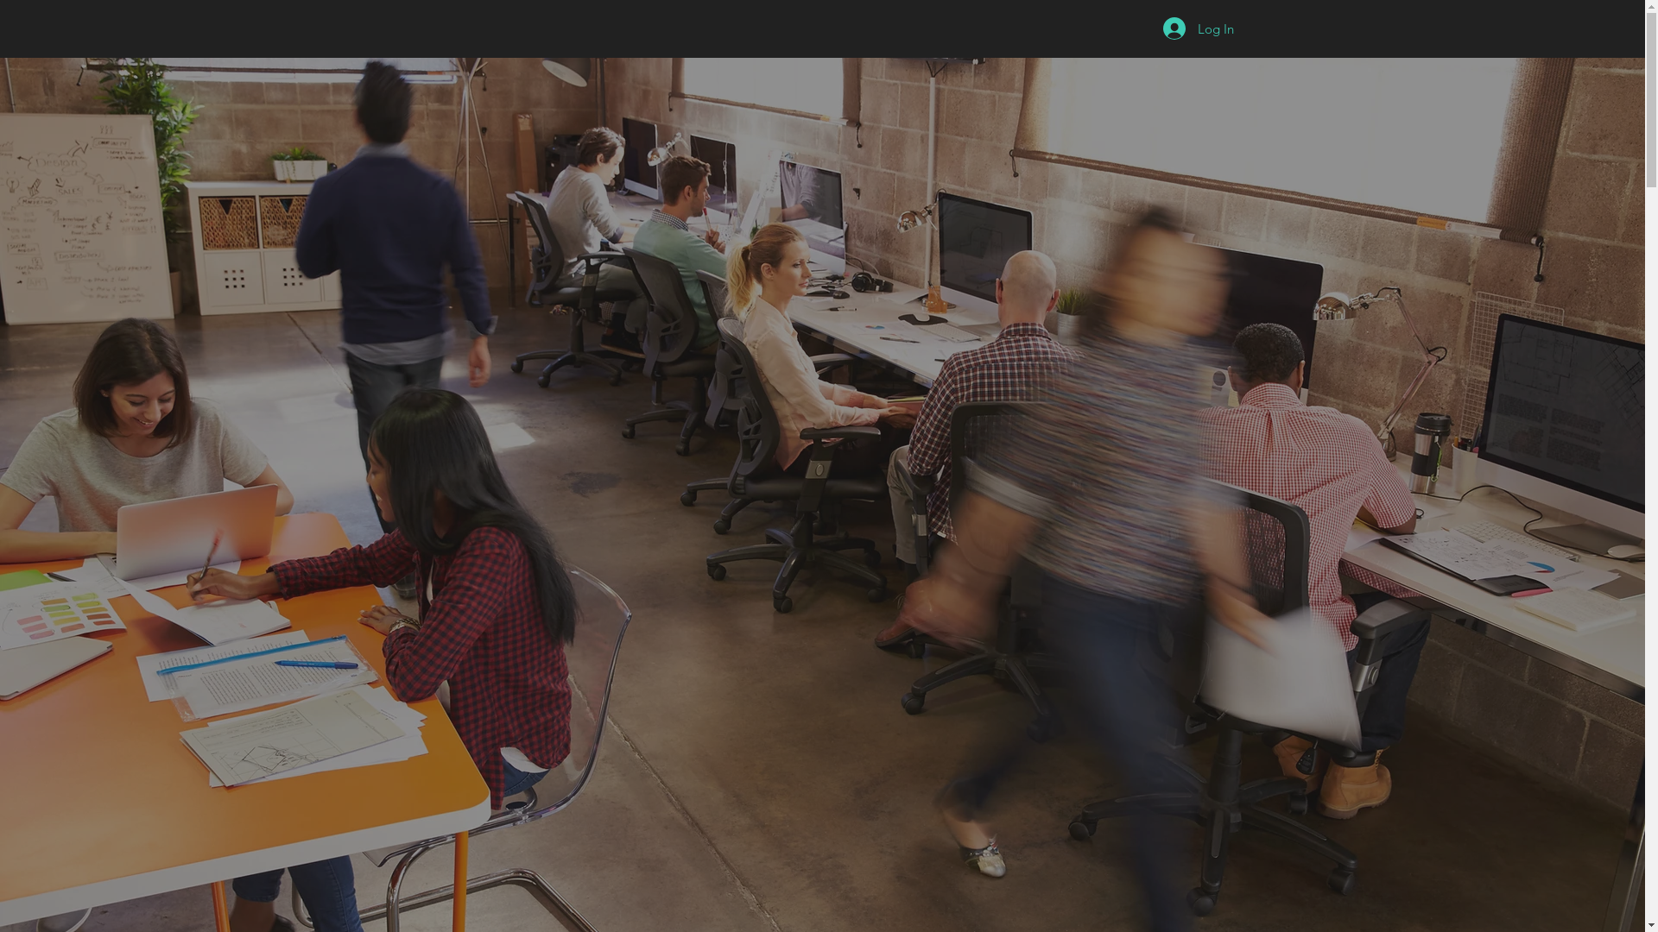 The image size is (1658, 932). What do you see at coordinates (1149, 28) in the screenshot?
I see `'Log In'` at bounding box center [1149, 28].